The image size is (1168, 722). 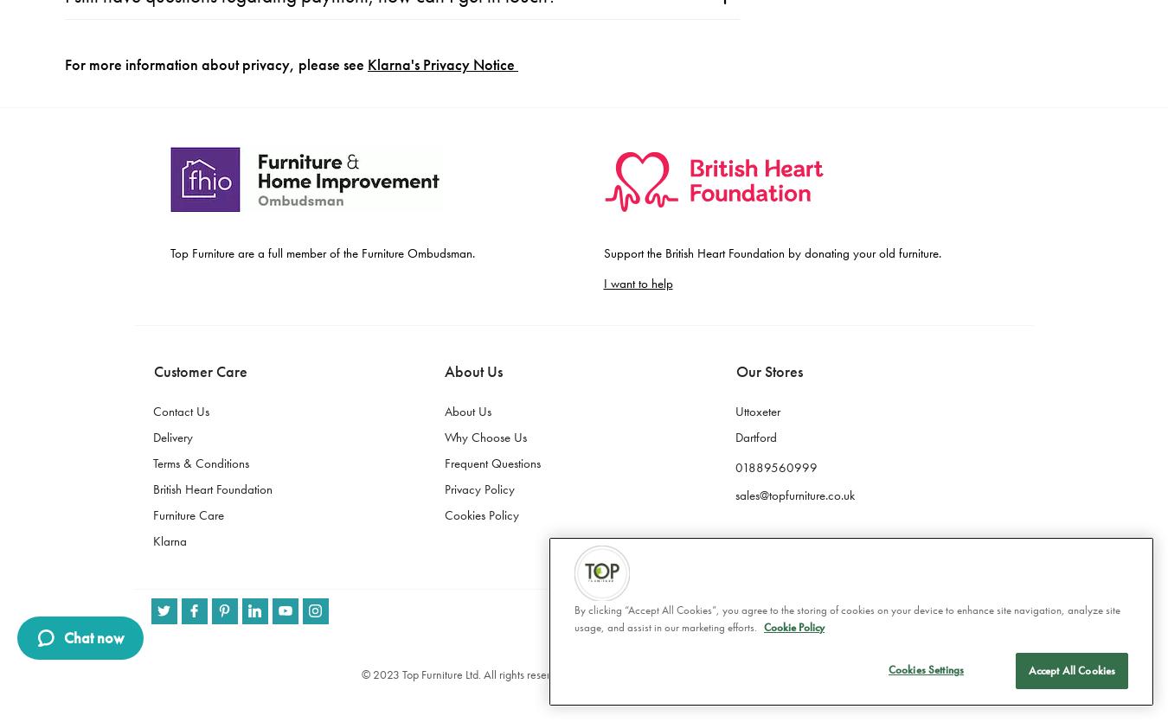 What do you see at coordinates (793, 60) in the screenshot?
I see `'sales@topfurniture.co.uk'` at bounding box center [793, 60].